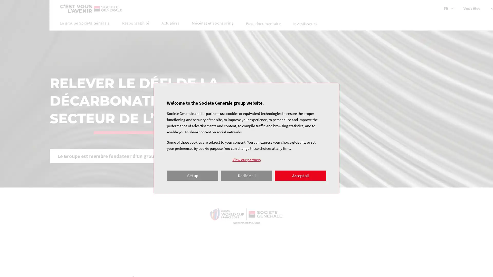 The image size is (493, 277). What do you see at coordinates (85, 43) in the screenshot?
I see `Le groupe Societe Generale` at bounding box center [85, 43].